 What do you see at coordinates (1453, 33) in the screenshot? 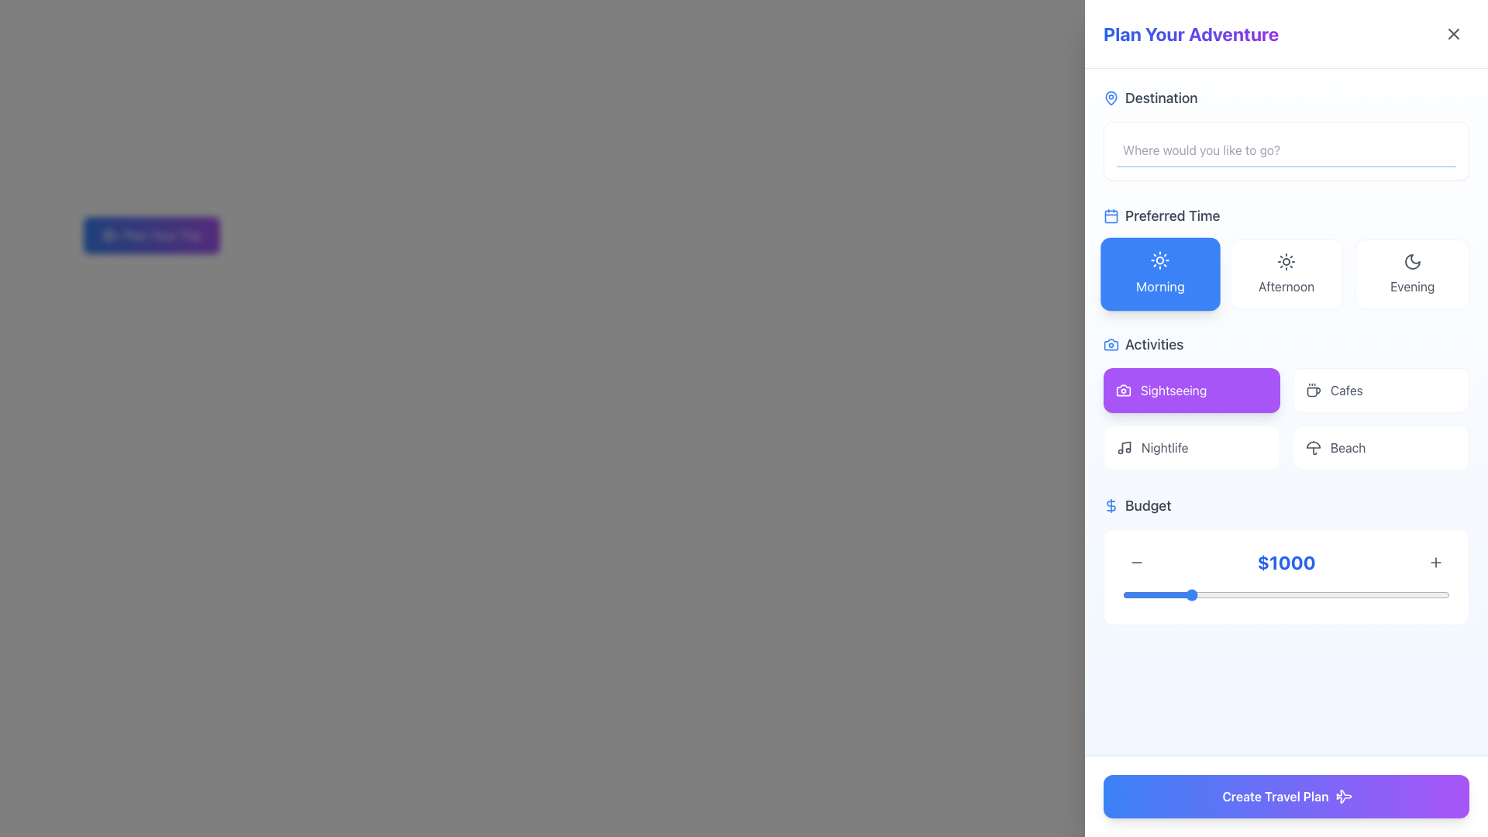
I see `the close icon located in the top-right corner of the interface, which is used` at bounding box center [1453, 33].